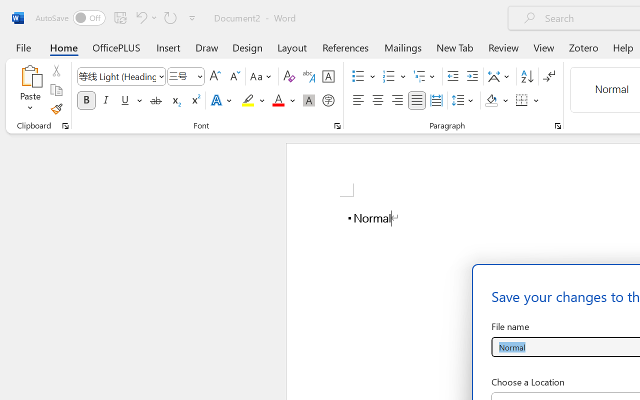 This screenshot has width=640, height=400. What do you see at coordinates (117, 17) in the screenshot?
I see `'Quick Access Toolbar'` at bounding box center [117, 17].